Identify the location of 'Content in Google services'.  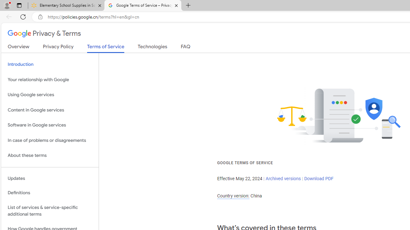
(50, 110).